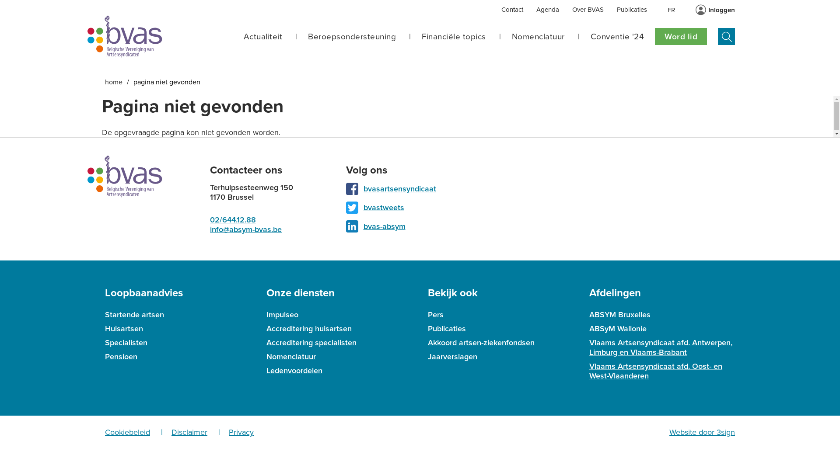 The width and height of the screenshot is (840, 472). I want to click on 'Beroepsondersteuning', so click(352, 36).